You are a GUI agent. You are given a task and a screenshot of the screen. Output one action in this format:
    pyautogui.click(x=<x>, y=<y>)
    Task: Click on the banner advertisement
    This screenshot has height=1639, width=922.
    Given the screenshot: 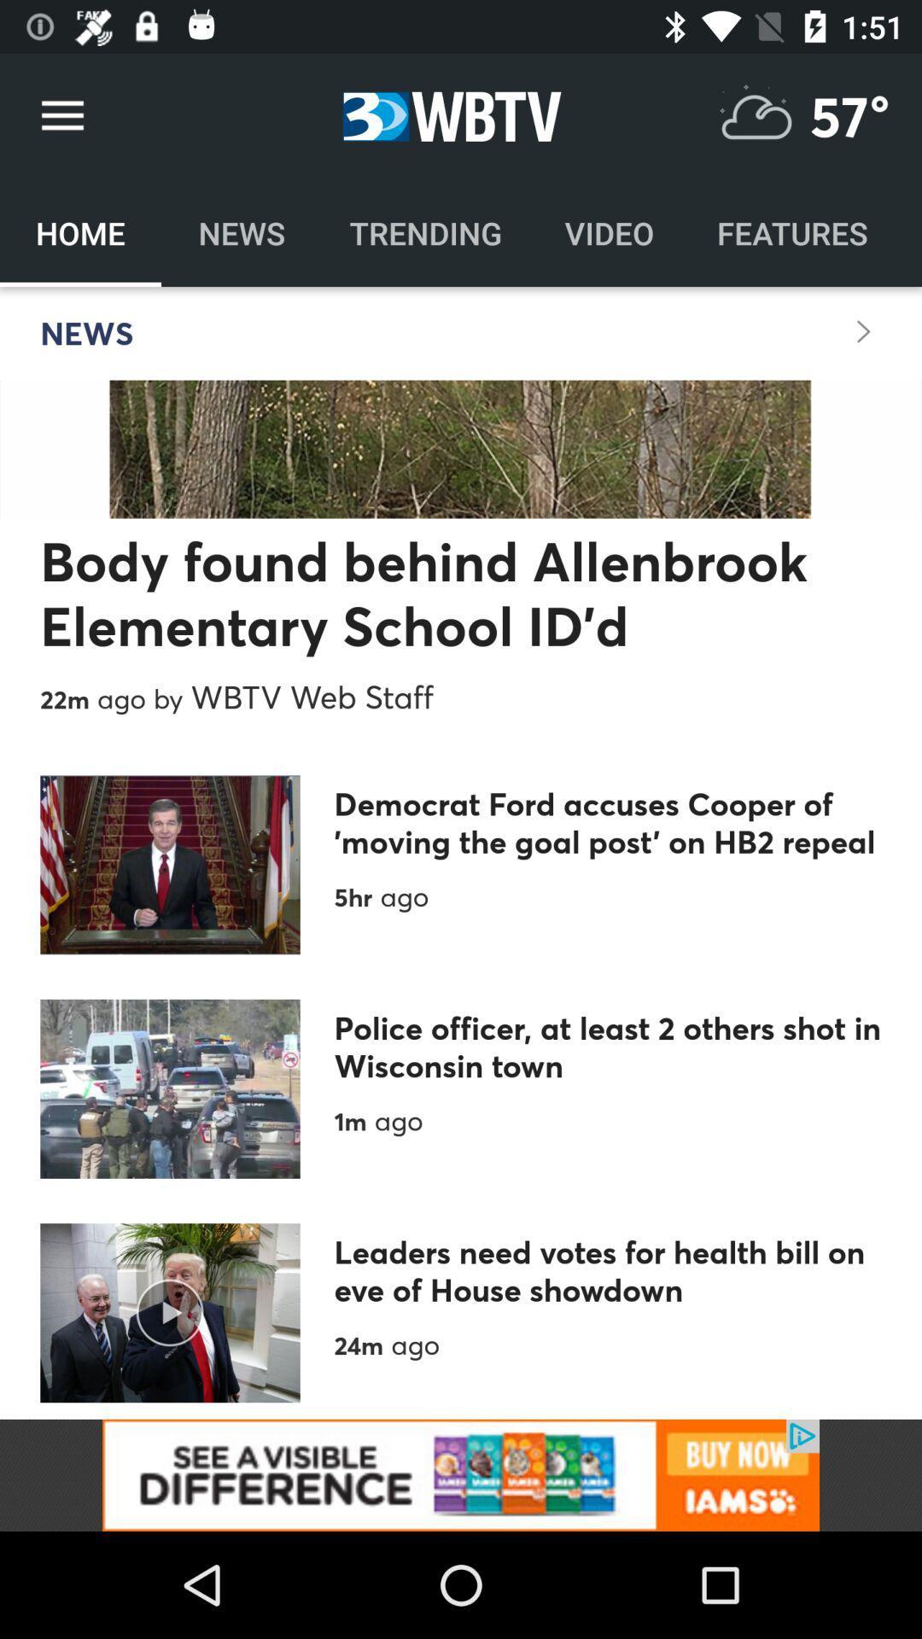 What is the action you would take?
    pyautogui.click(x=461, y=1474)
    